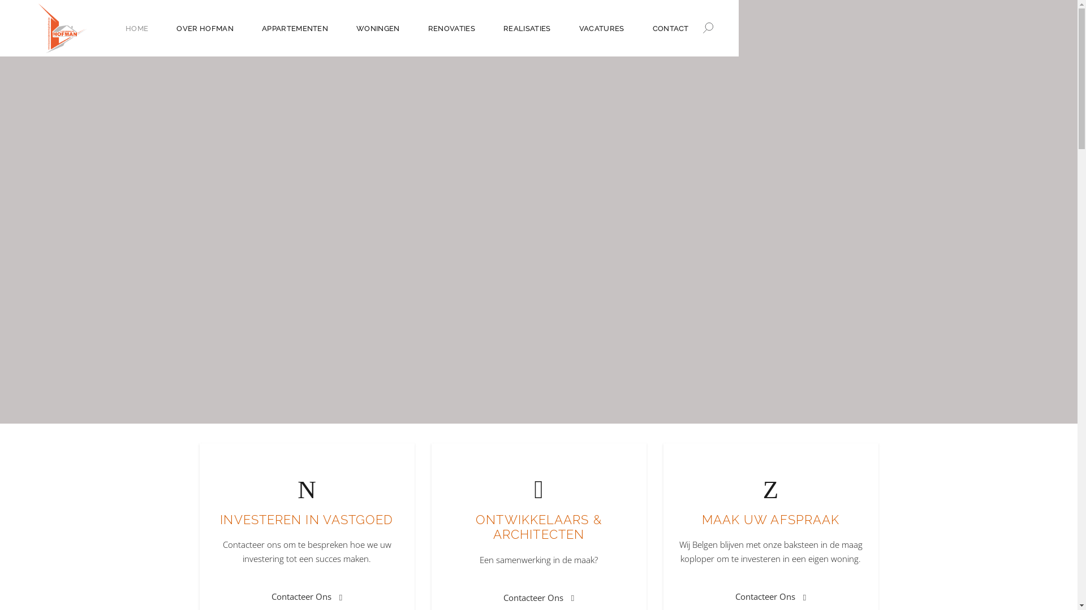  What do you see at coordinates (136, 27) in the screenshot?
I see `'HOME'` at bounding box center [136, 27].